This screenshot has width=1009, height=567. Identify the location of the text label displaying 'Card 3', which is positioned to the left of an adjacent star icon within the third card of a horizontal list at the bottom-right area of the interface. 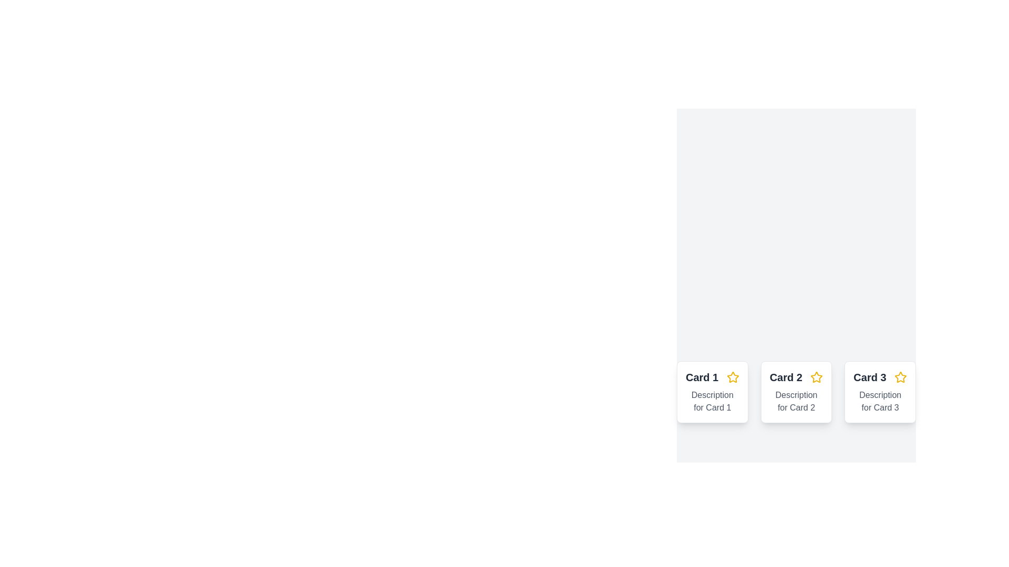
(870, 376).